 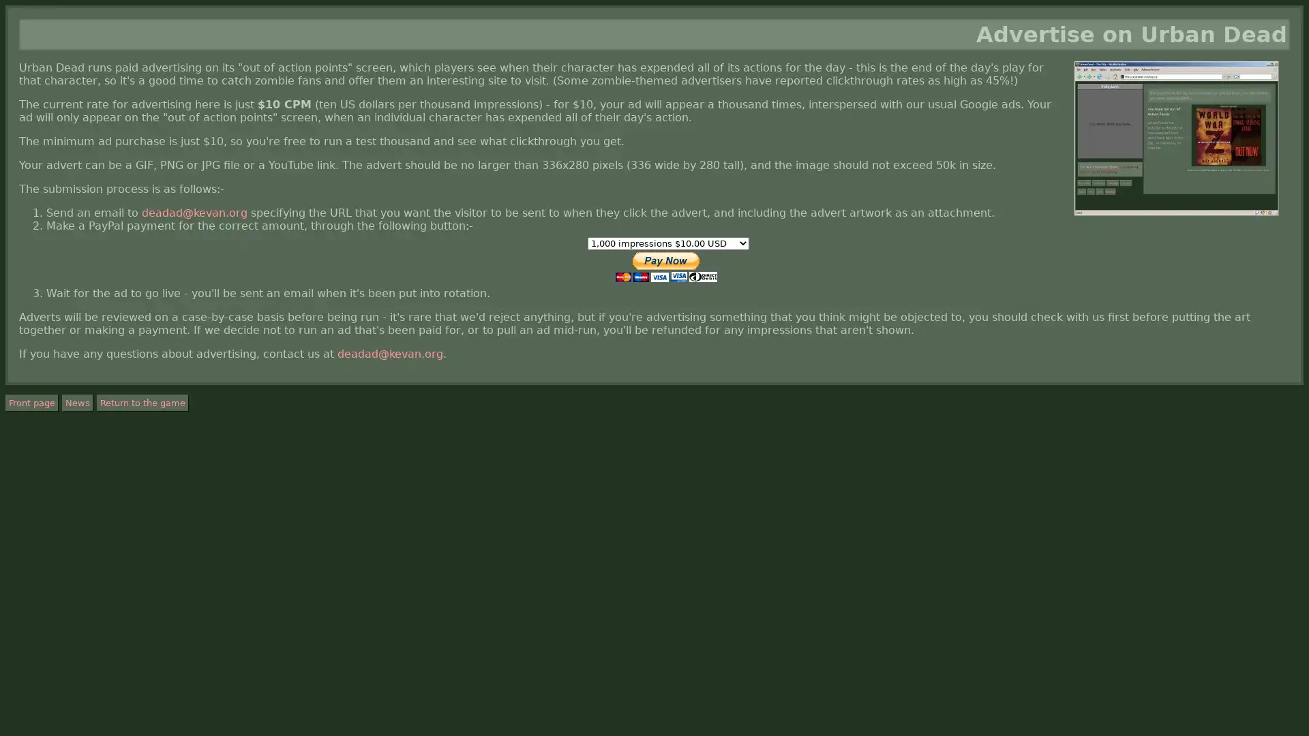 What do you see at coordinates (665, 268) in the screenshot?
I see `PayPal . The safer, easier way to pay online.` at bounding box center [665, 268].